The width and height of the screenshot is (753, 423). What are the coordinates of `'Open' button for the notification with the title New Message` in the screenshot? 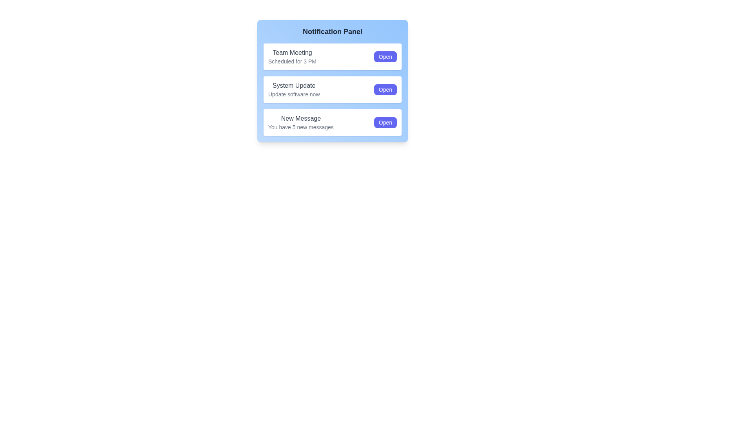 It's located at (385, 122).